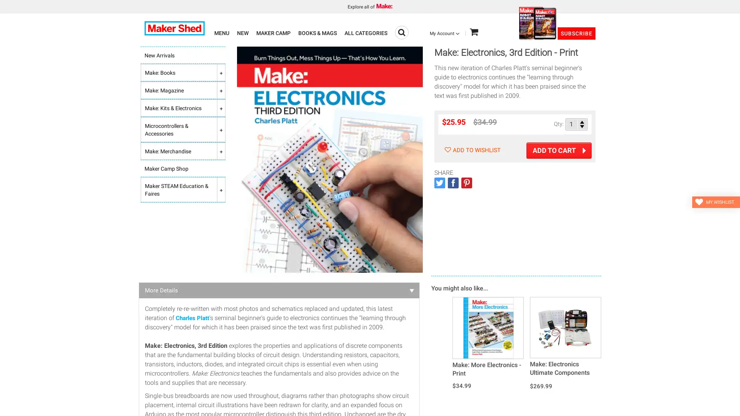 The image size is (740, 416). What do you see at coordinates (559, 150) in the screenshot?
I see `Add to Cart` at bounding box center [559, 150].